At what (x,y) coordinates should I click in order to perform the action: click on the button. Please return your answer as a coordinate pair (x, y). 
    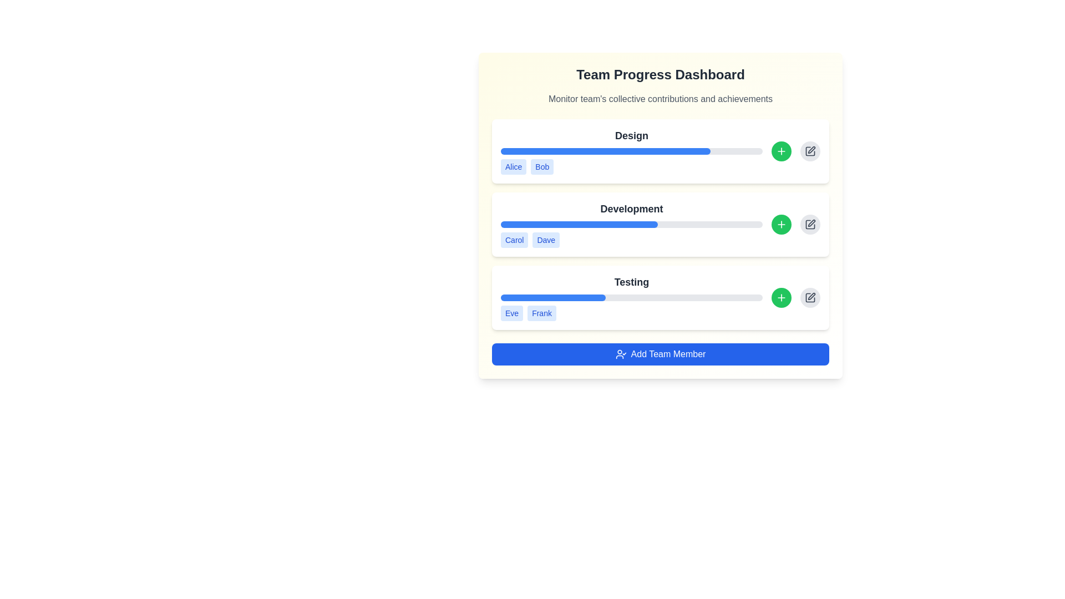
    Looking at the image, I should click on (781, 297).